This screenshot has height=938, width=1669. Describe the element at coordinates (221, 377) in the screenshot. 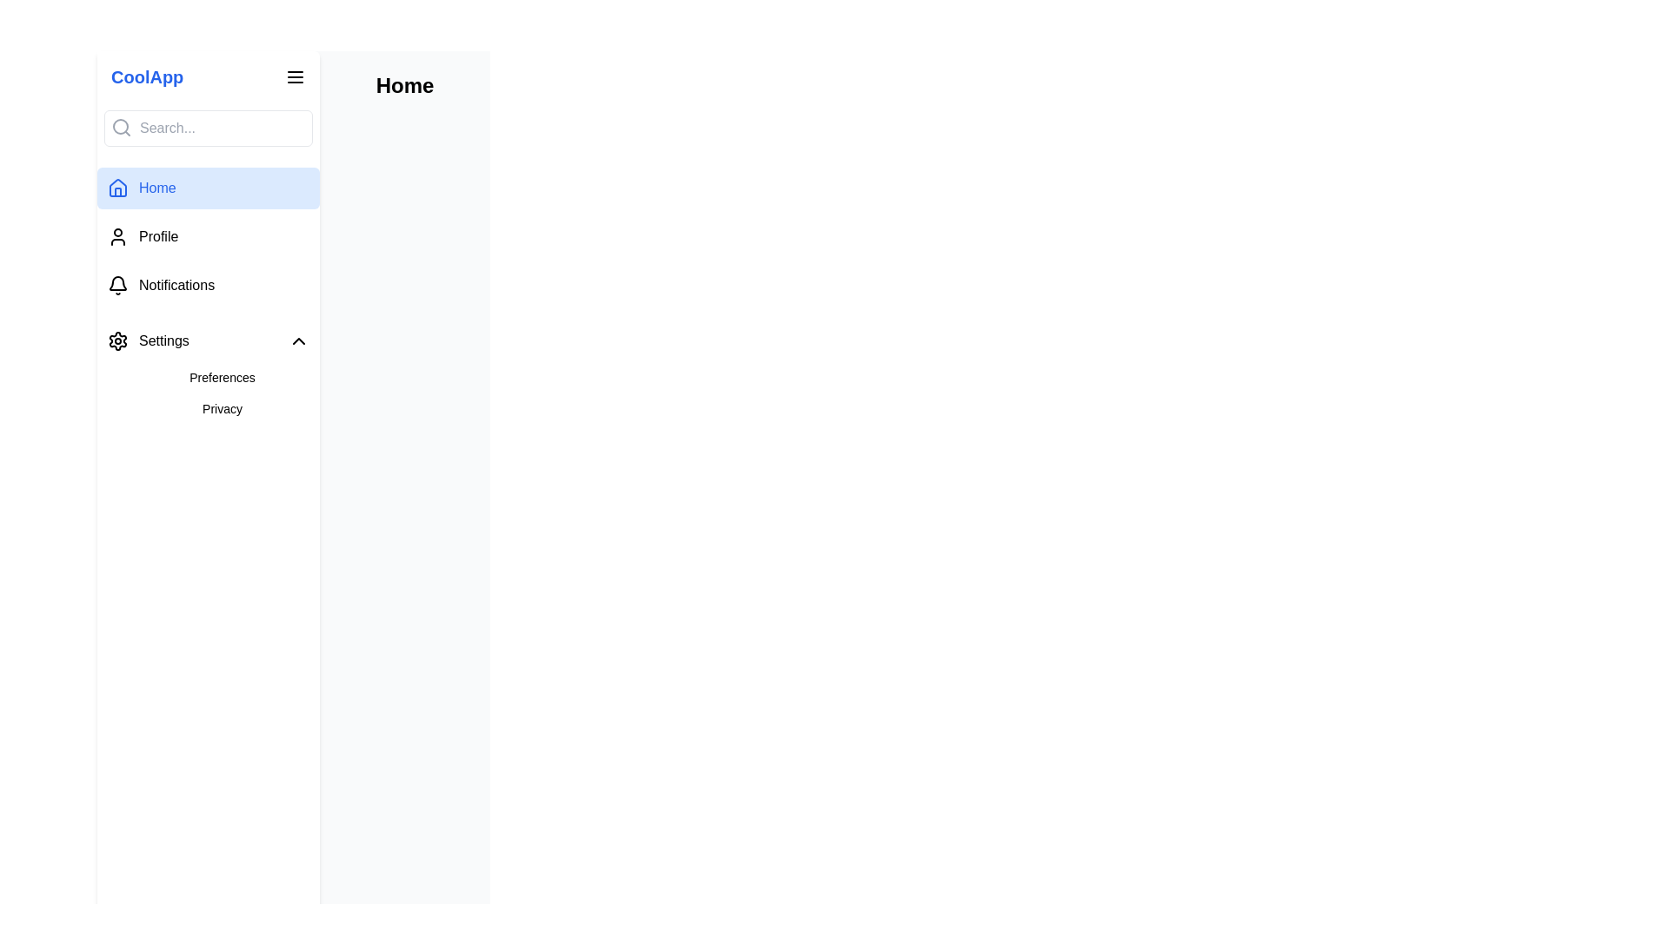

I see `the 'Preferences' text label located in the left sidebar, positioned above the 'Privacy' item` at that location.